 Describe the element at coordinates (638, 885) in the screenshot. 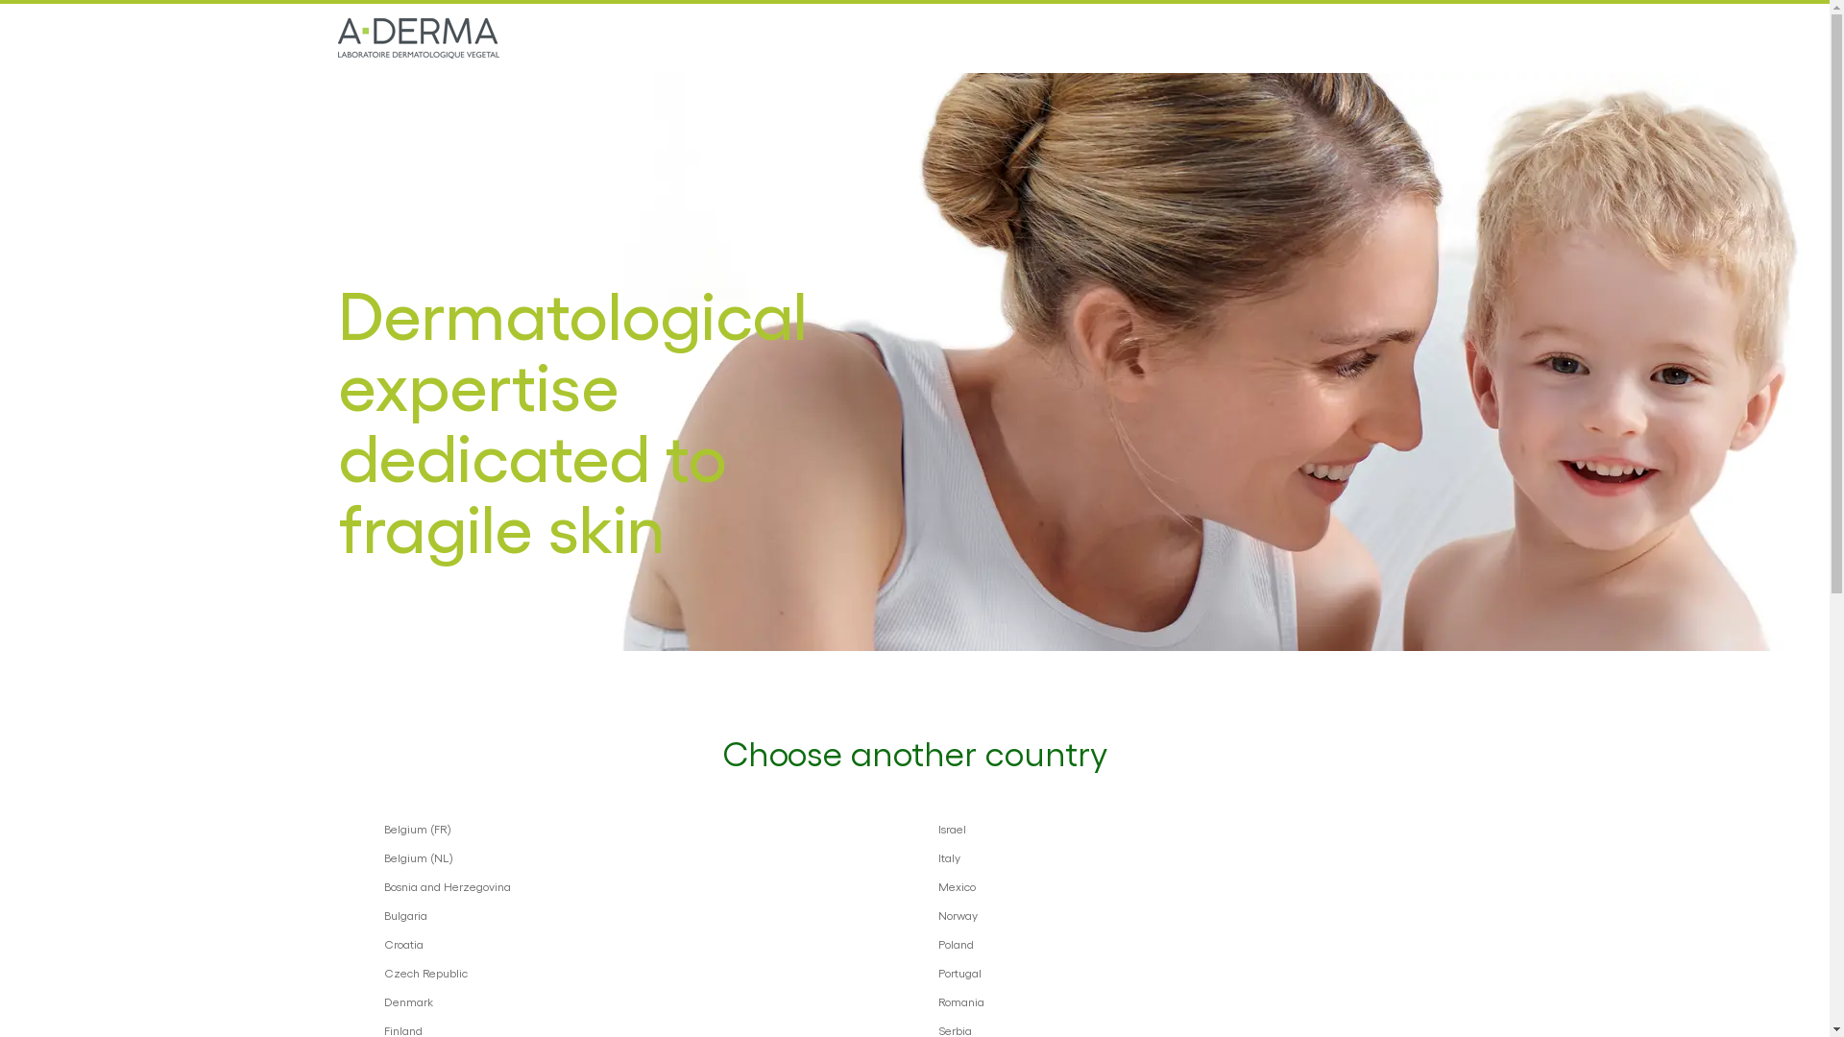

I see `'Bosnia and Herzegovina'` at that location.